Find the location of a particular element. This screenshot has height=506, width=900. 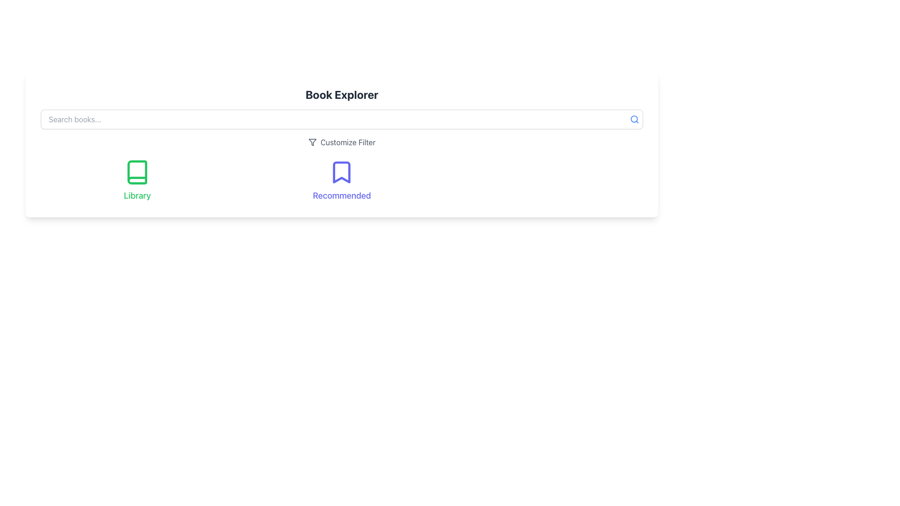

the Interactive Text Label located in the 'Recommended' section of the application is located at coordinates (341, 195).